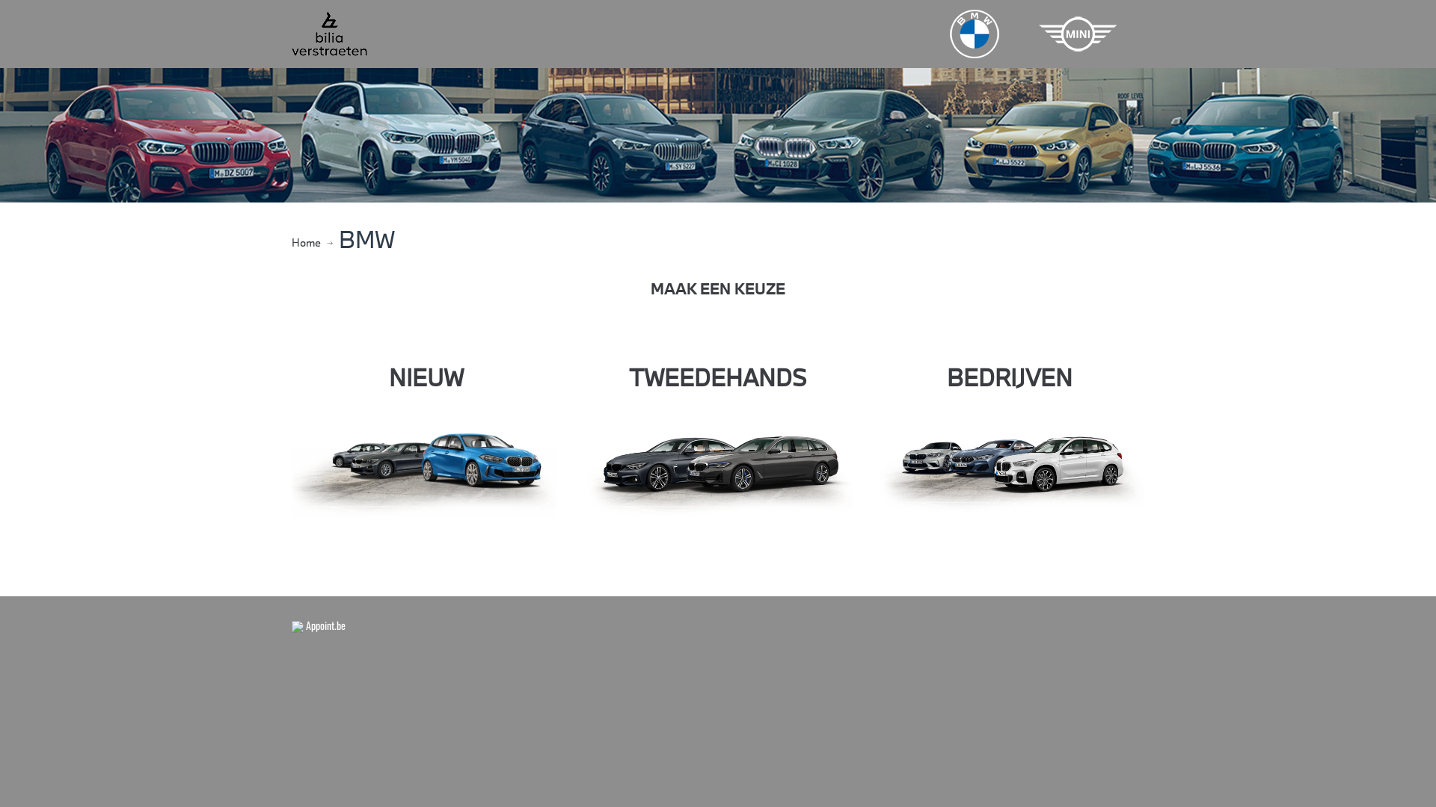 This screenshot has height=807, width=1436. I want to click on 'used', so click(718, 460).